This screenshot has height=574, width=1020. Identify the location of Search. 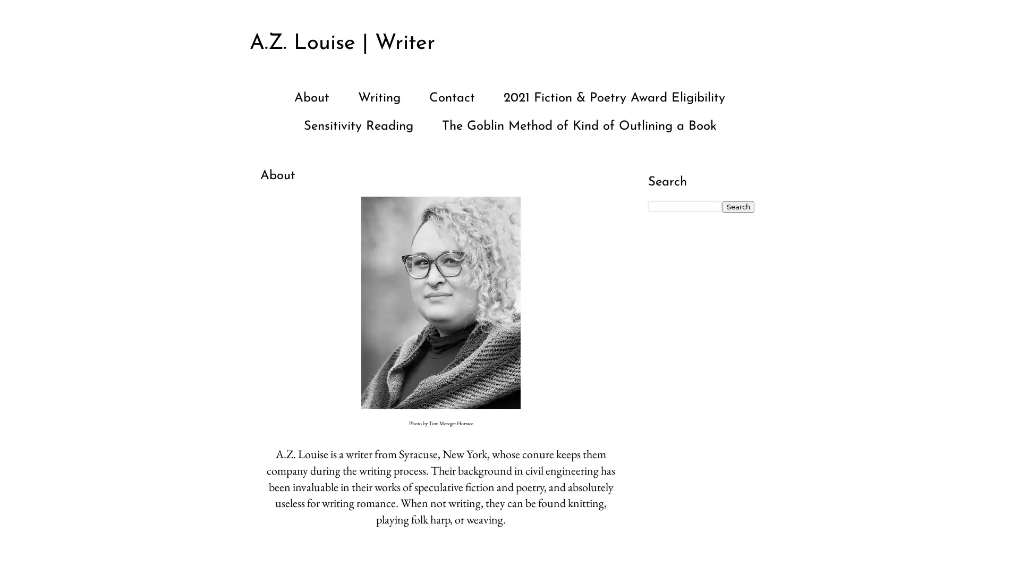
(738, 206).